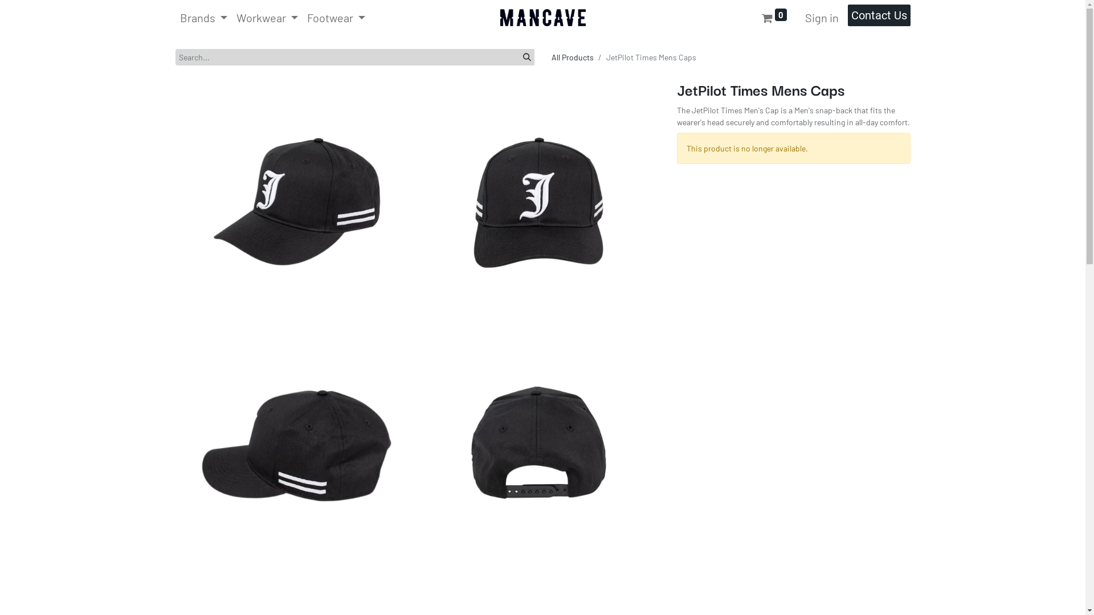 The height and width of the screenshot is (615, 1094). I want to click on 'Workwear', so click(267, 17).